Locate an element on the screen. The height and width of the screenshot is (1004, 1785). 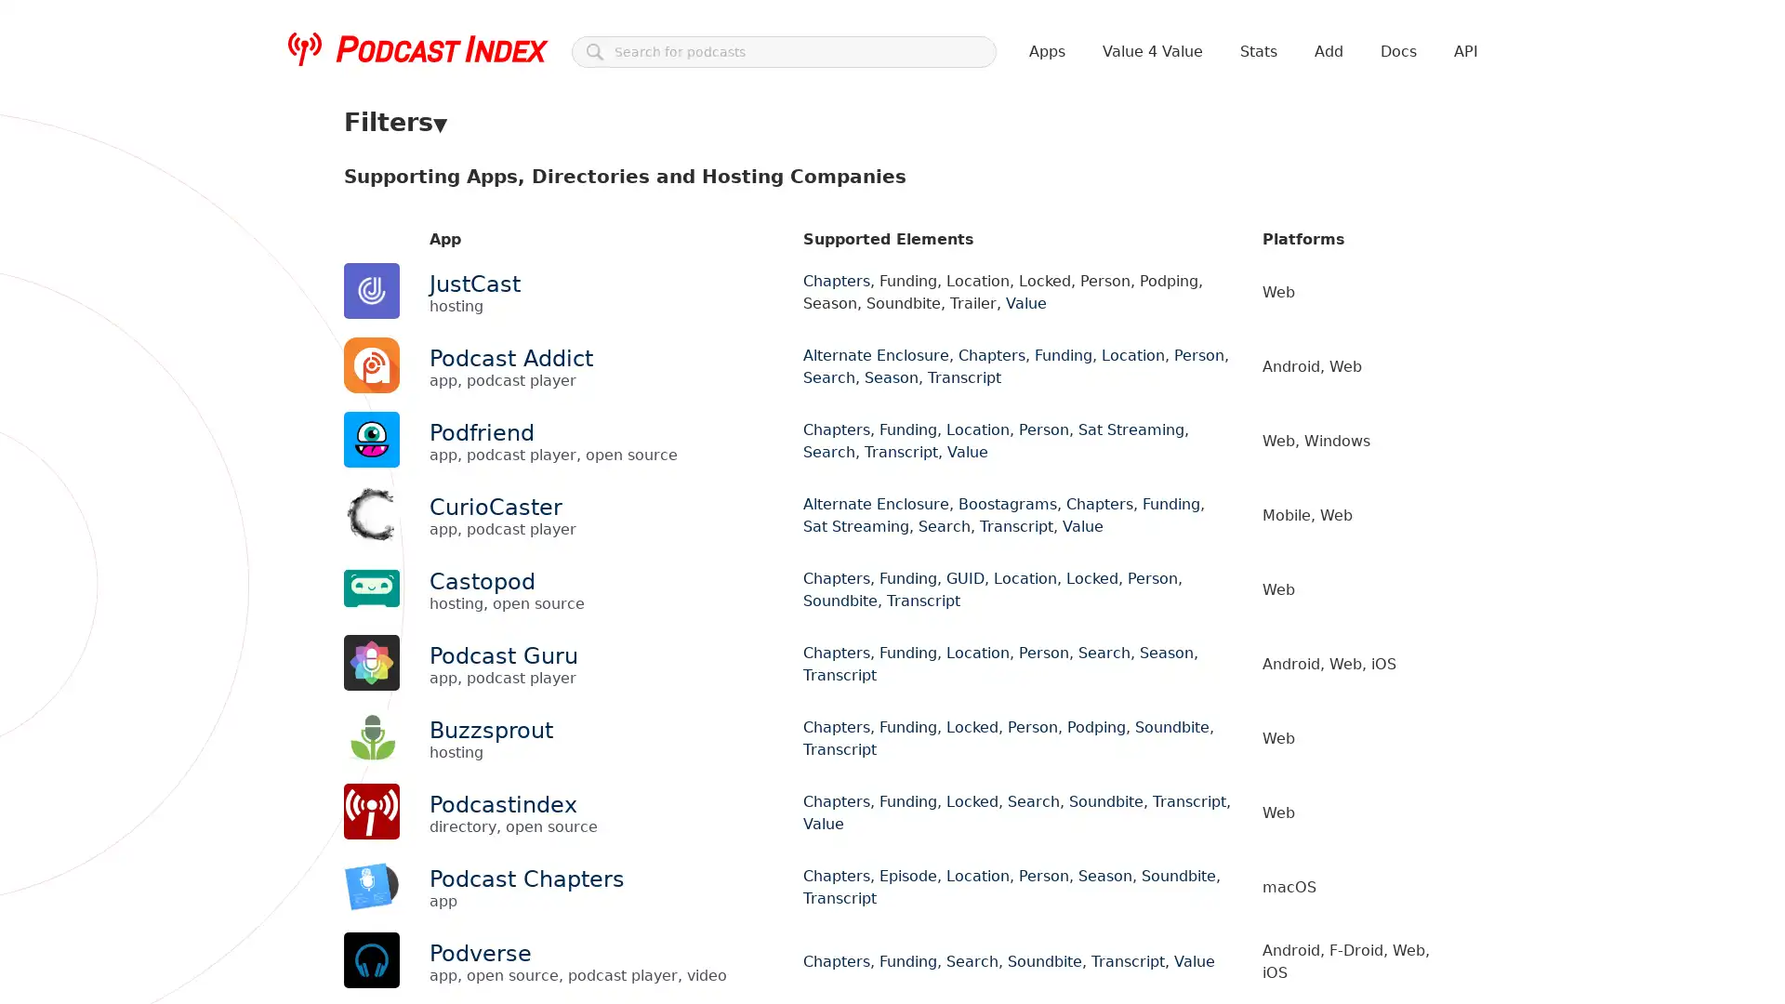
Chrome is located at coordinates (680, 381).